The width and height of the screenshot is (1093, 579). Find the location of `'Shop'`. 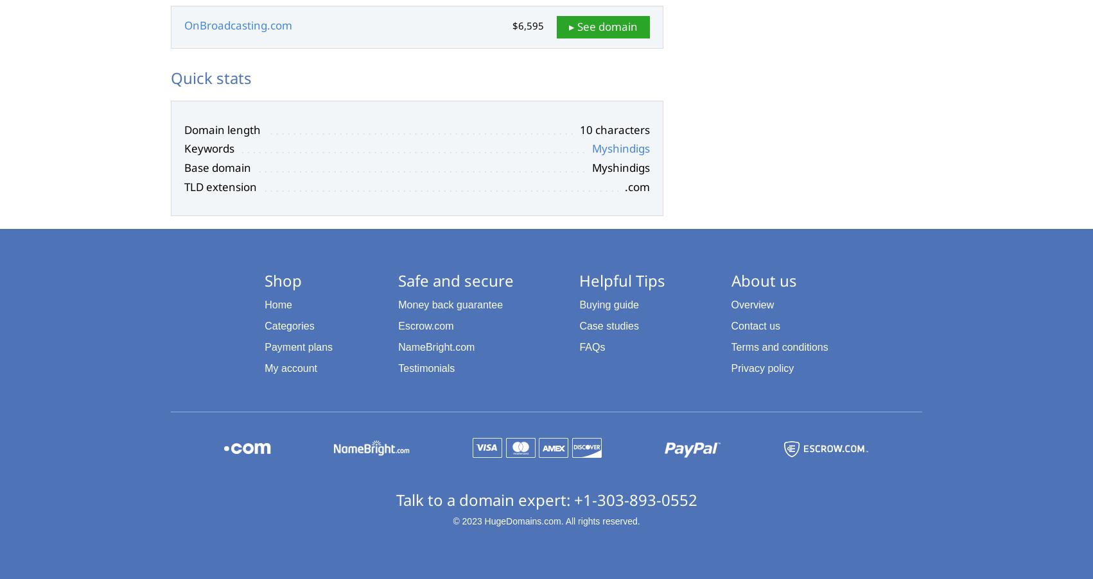

'Shop' is located at coordinates (282, 280).